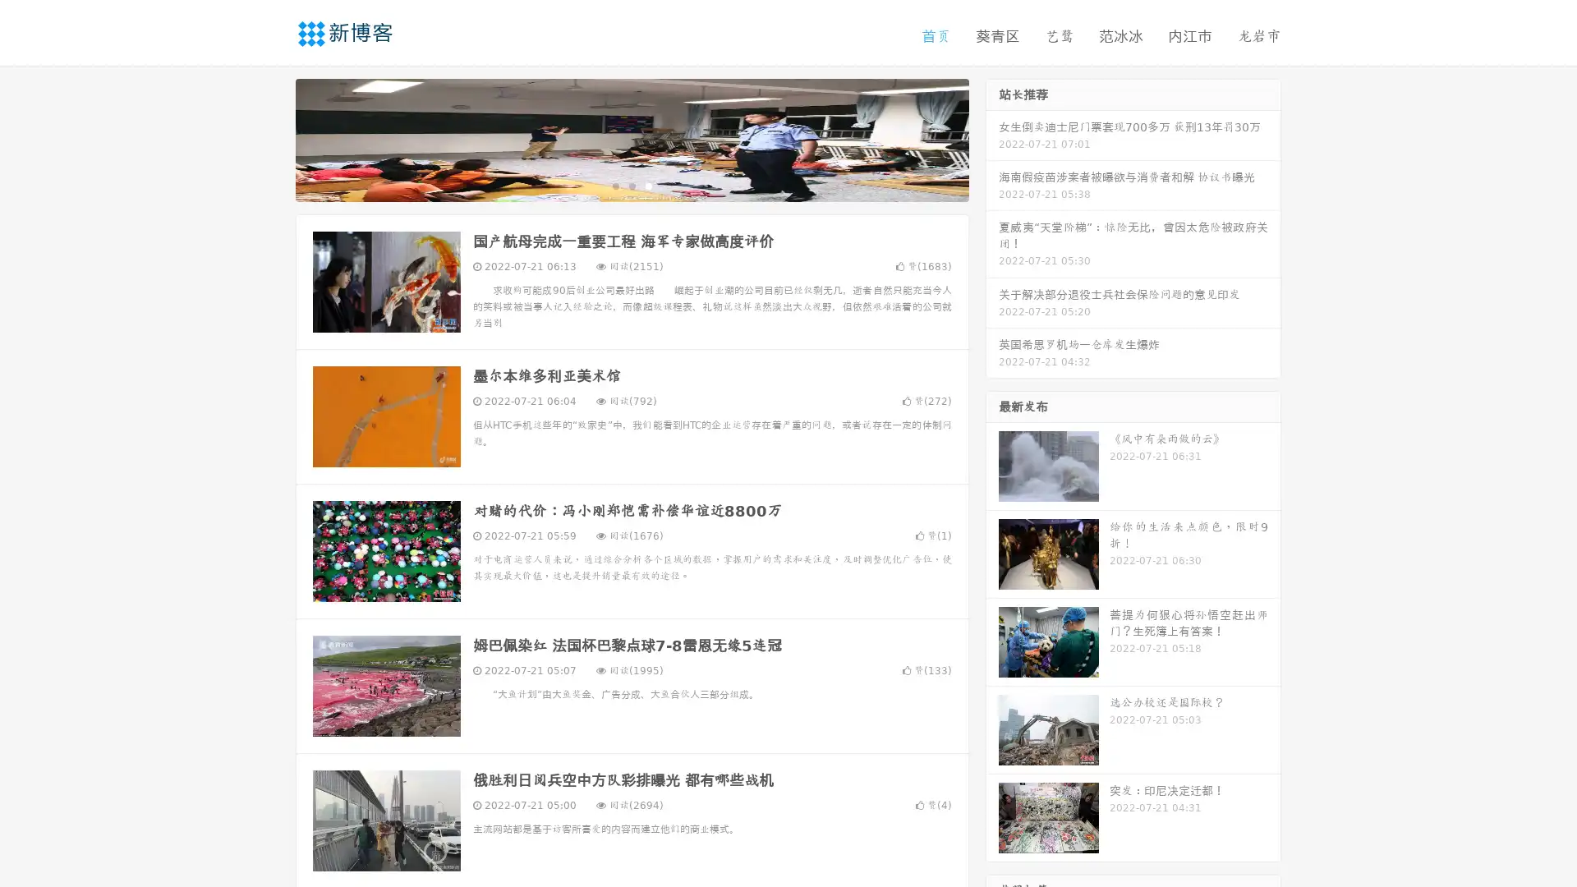 This screenshot has width=1577, height=887. Describe the element at coordinates (992, 138) in the screenshot. I see `Next slide` at that location.